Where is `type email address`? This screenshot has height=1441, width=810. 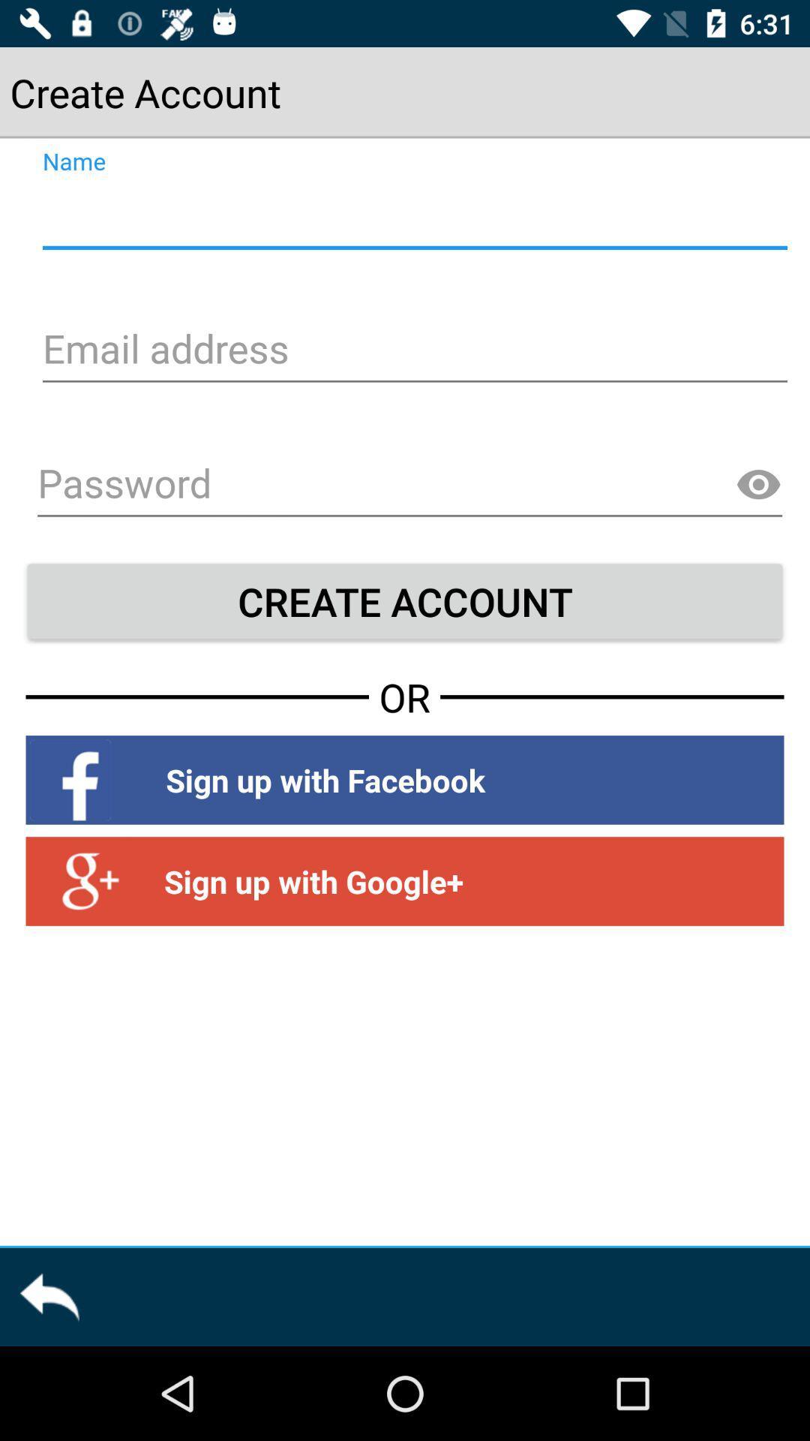
type email address is located at coordinates (412, 350).